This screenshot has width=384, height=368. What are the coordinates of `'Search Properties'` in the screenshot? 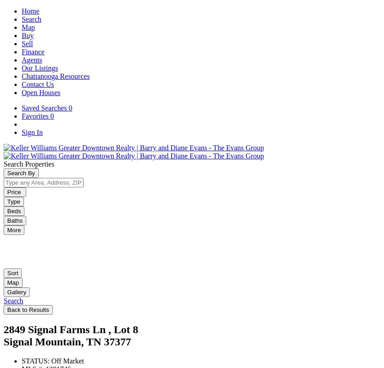 It's located at (29, 163).